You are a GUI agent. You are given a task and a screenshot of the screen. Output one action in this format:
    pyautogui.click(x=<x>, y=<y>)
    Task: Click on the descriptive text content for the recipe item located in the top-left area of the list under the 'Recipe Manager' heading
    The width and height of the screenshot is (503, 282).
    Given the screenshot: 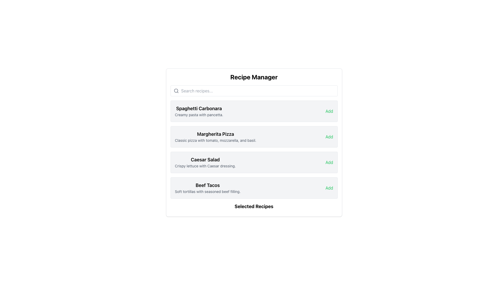 What is the action you would take?
    pyautogui.click(x=199, y=111)
    